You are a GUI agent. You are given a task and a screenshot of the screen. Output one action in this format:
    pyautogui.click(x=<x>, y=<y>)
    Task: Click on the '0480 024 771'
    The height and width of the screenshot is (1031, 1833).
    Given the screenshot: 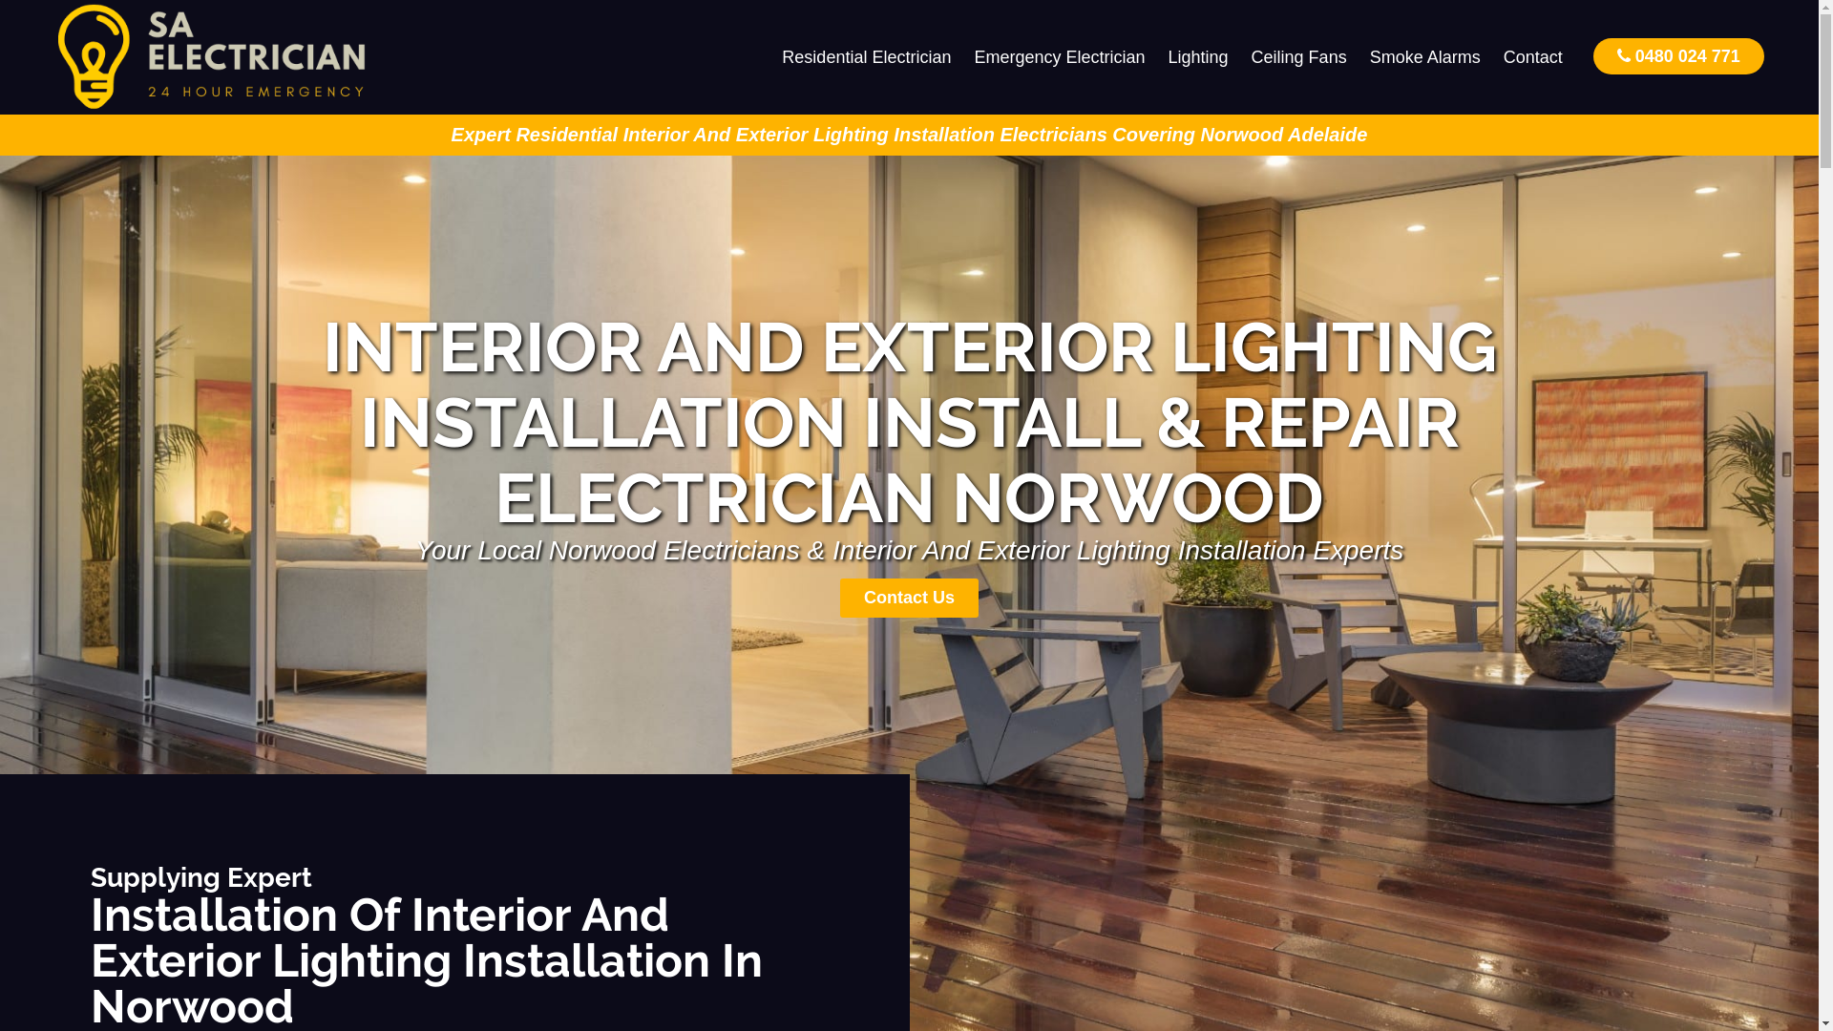 What is the action you would take?
    pyautogui.click(x=1677, y=54)
    